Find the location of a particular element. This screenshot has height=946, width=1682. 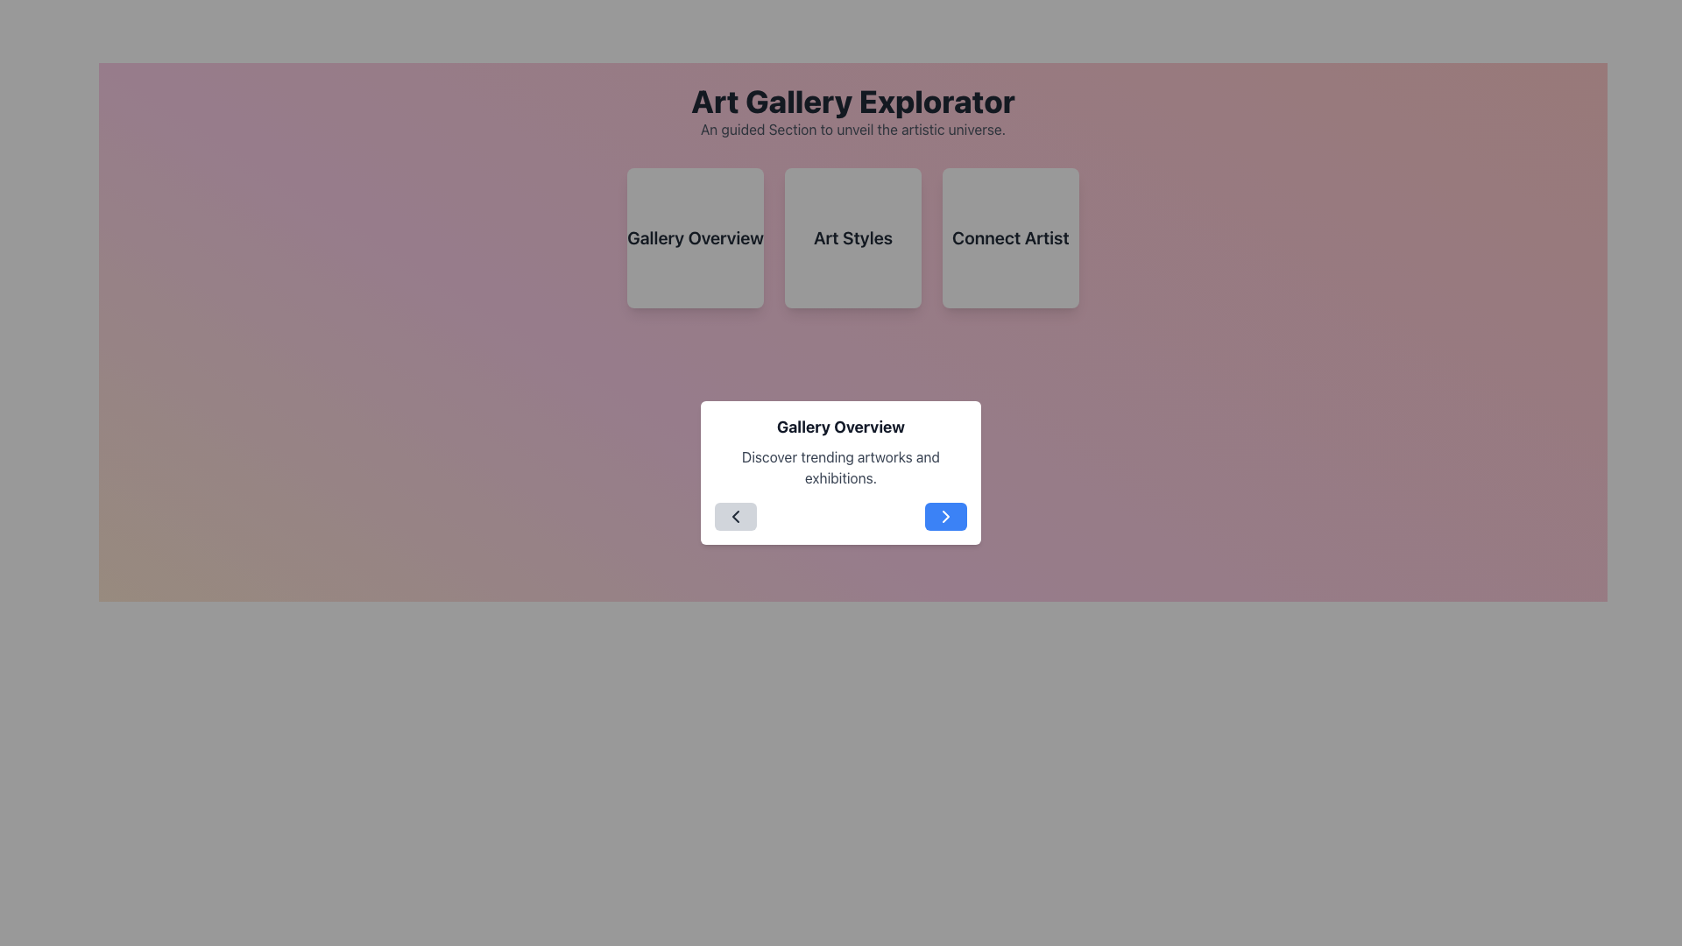

the text label 'Connect Artist' which serves as the title for the corresponding card in the upper-middle part of the page, located within the rightmost card in a row of three cards is located at coordinates (1010, 238).